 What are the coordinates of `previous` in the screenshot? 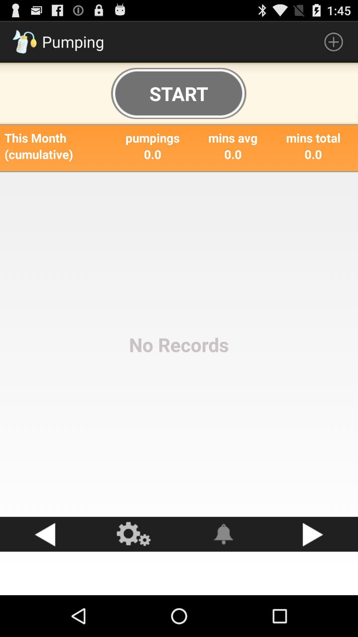 It's located at (45, 534).